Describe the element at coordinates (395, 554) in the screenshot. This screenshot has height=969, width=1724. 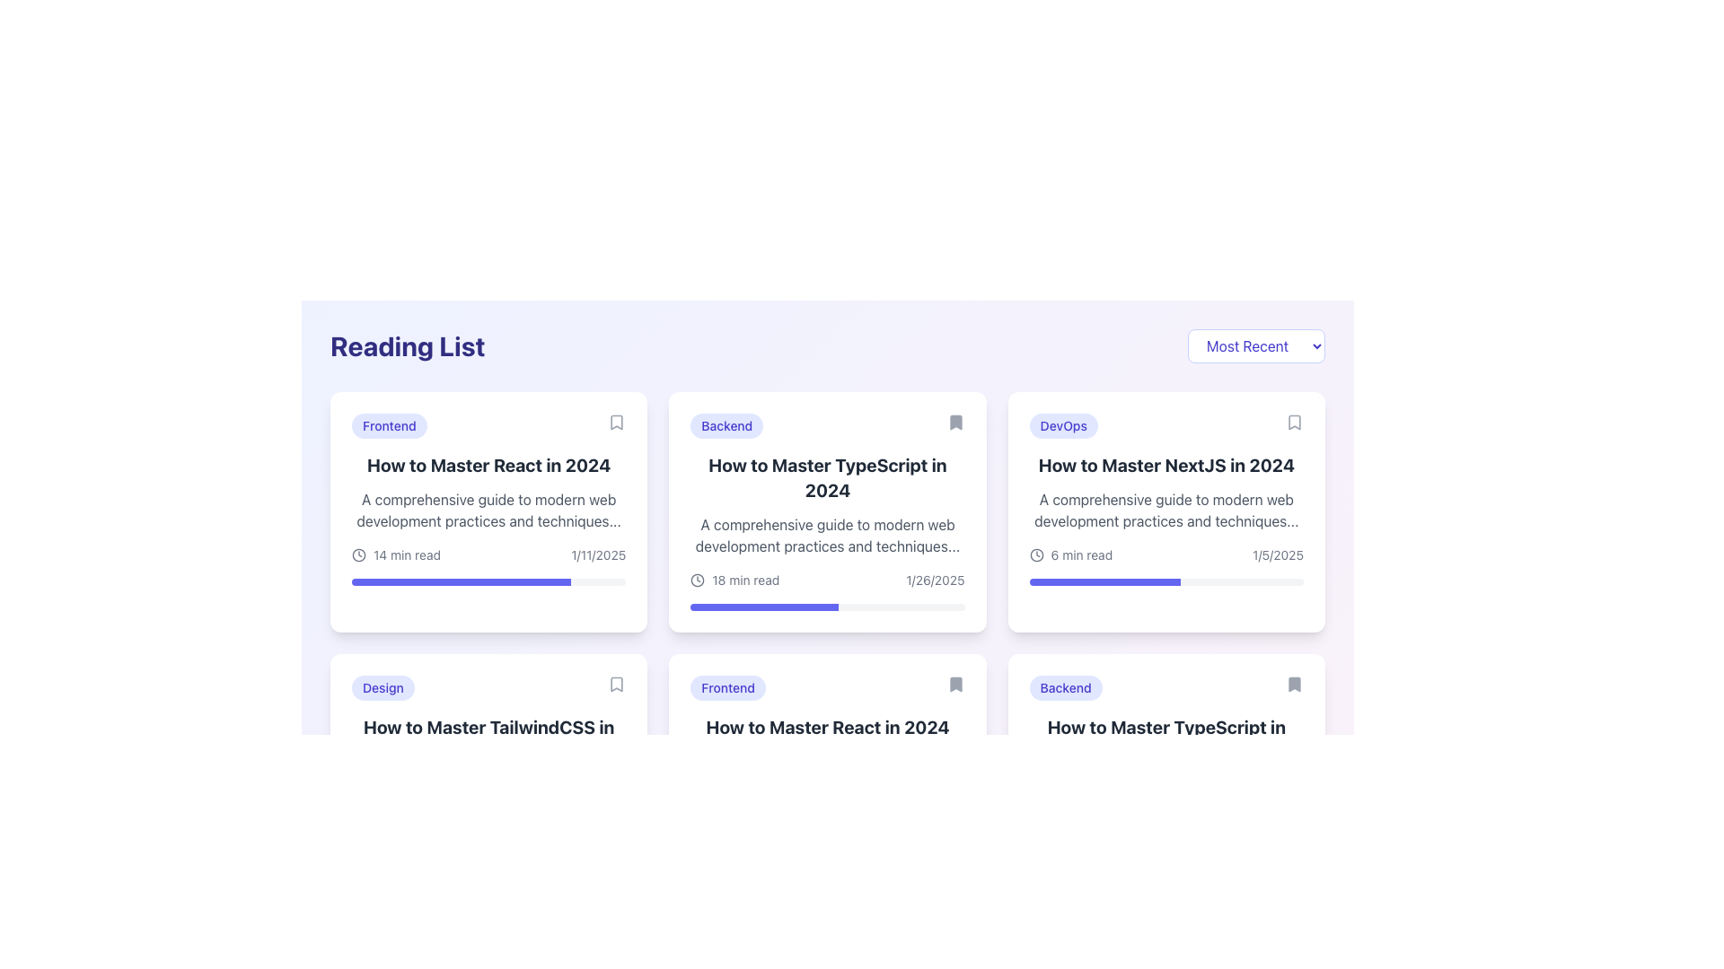
I see `the read-time indicator element located at the bottom left corner of the card labeled 'How to Master React in 2024'` at that location.